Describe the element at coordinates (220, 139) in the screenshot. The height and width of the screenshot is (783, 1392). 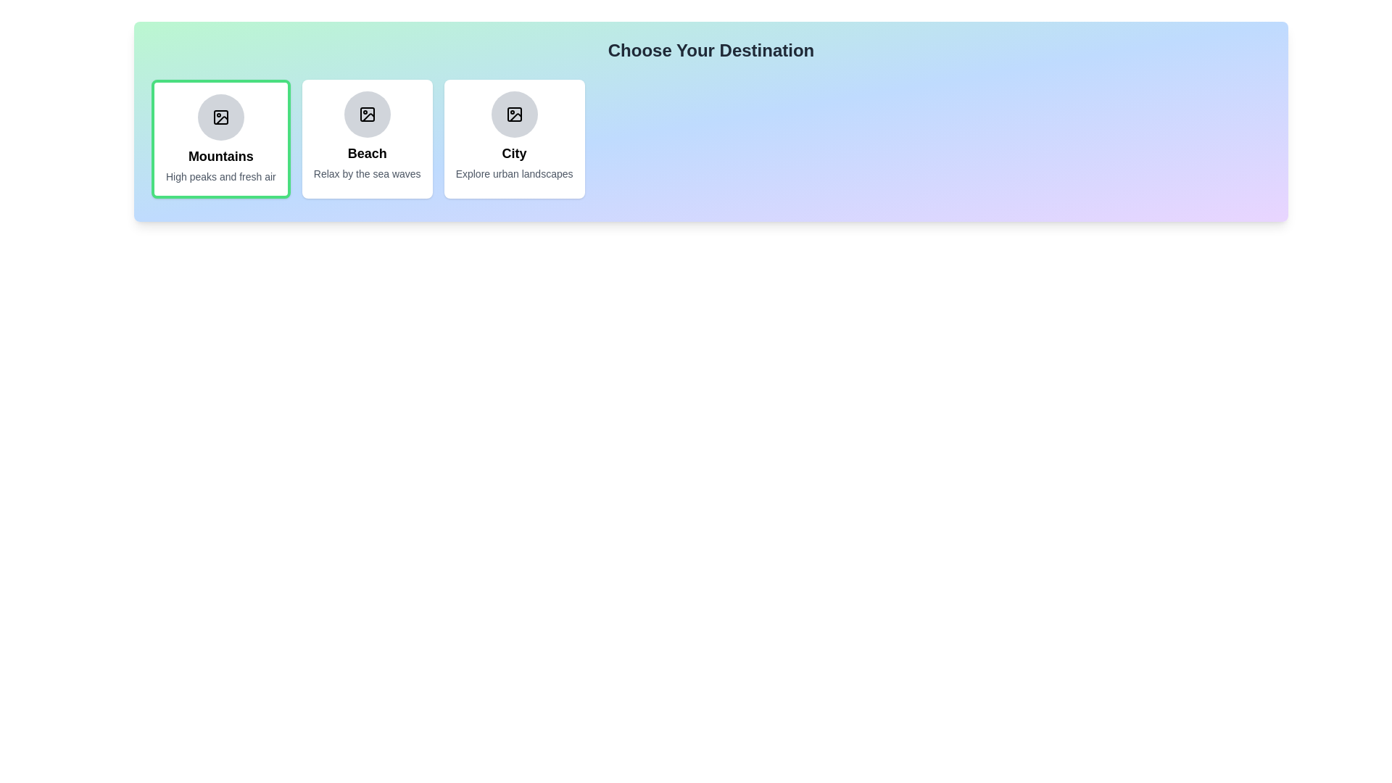
I see `the chip labeled 'Mountains' to observe its hover effect` at that location.